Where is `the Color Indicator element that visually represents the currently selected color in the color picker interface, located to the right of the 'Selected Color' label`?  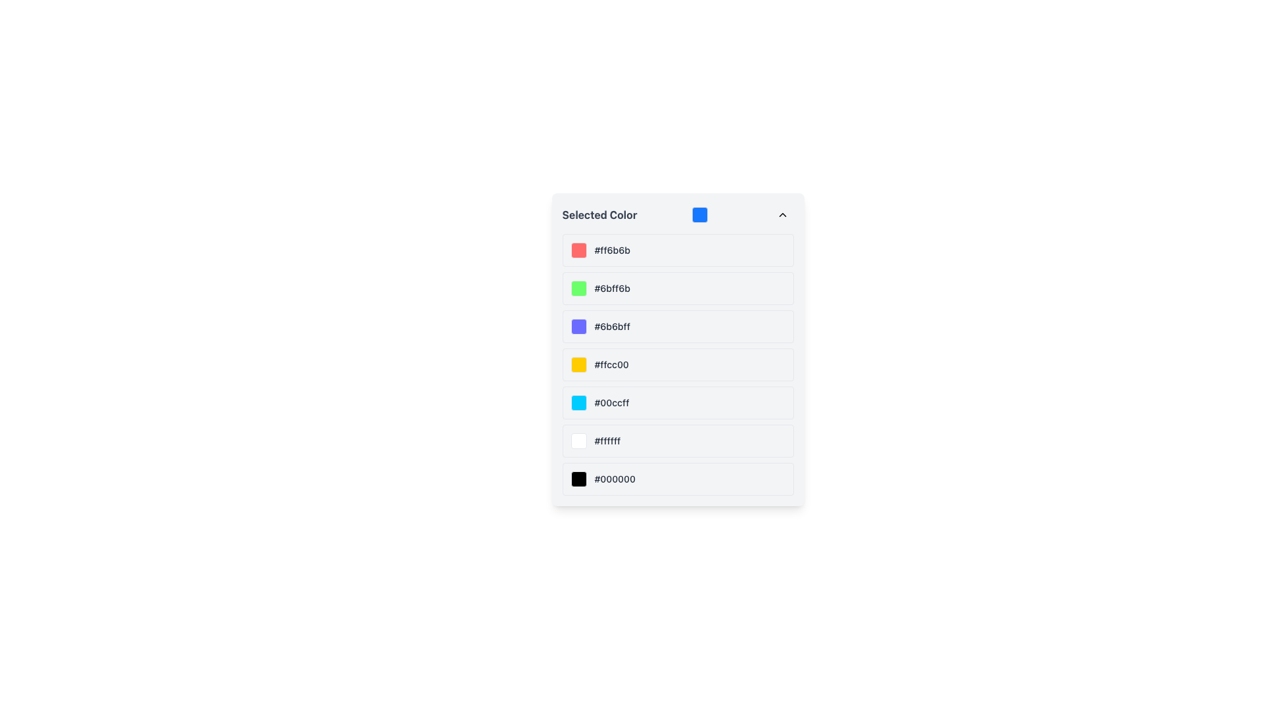 the Color Indicator element that visually represents the currently selected color in the color picker interface, located to the right of the 'Selected Color' label is located at coordinates (699, 214).